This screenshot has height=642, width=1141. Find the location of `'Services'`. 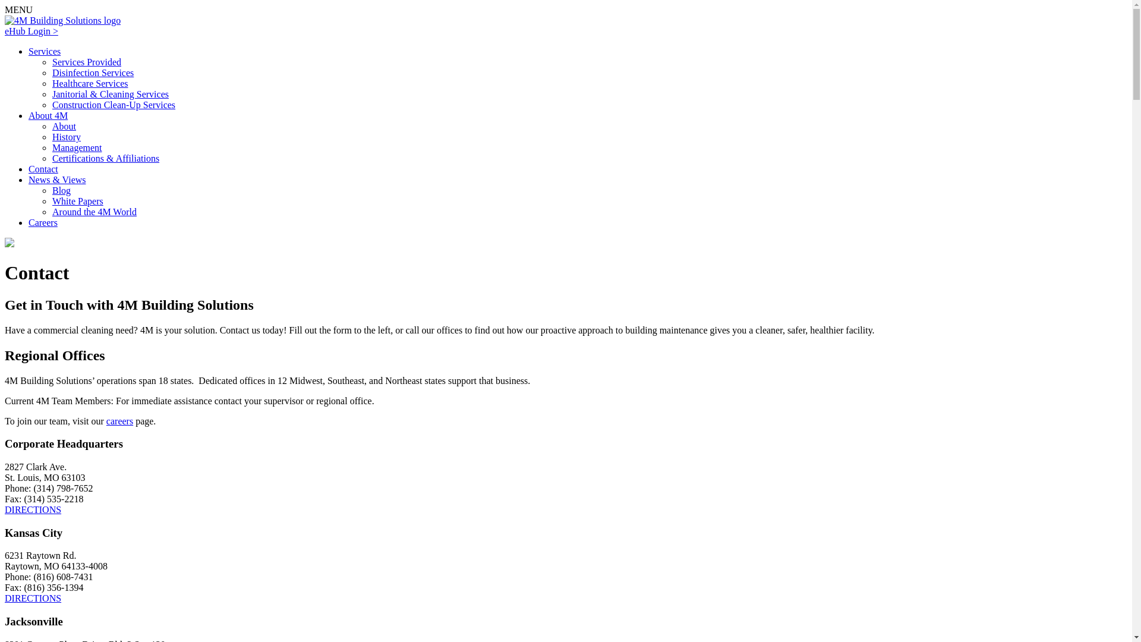

'Services' is located at coordinates (45, 51).